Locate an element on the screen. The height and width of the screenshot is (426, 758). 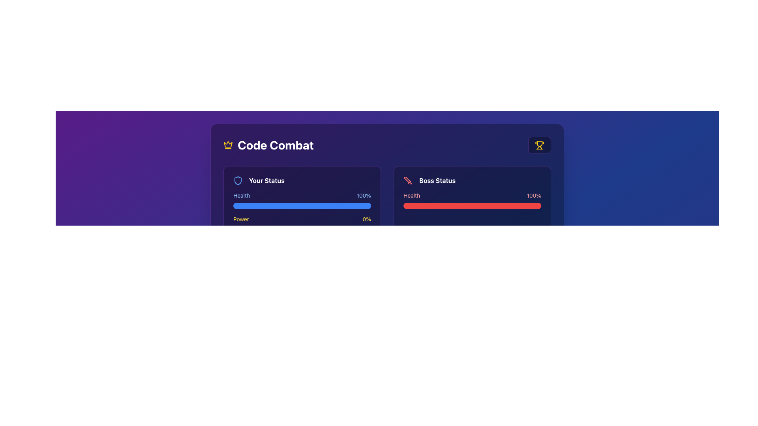
the panel titled 'Your Status' which features a shield icon and health and power bars, located to the left of the 'Boss Status' panel is located at coordinates (302, 204).